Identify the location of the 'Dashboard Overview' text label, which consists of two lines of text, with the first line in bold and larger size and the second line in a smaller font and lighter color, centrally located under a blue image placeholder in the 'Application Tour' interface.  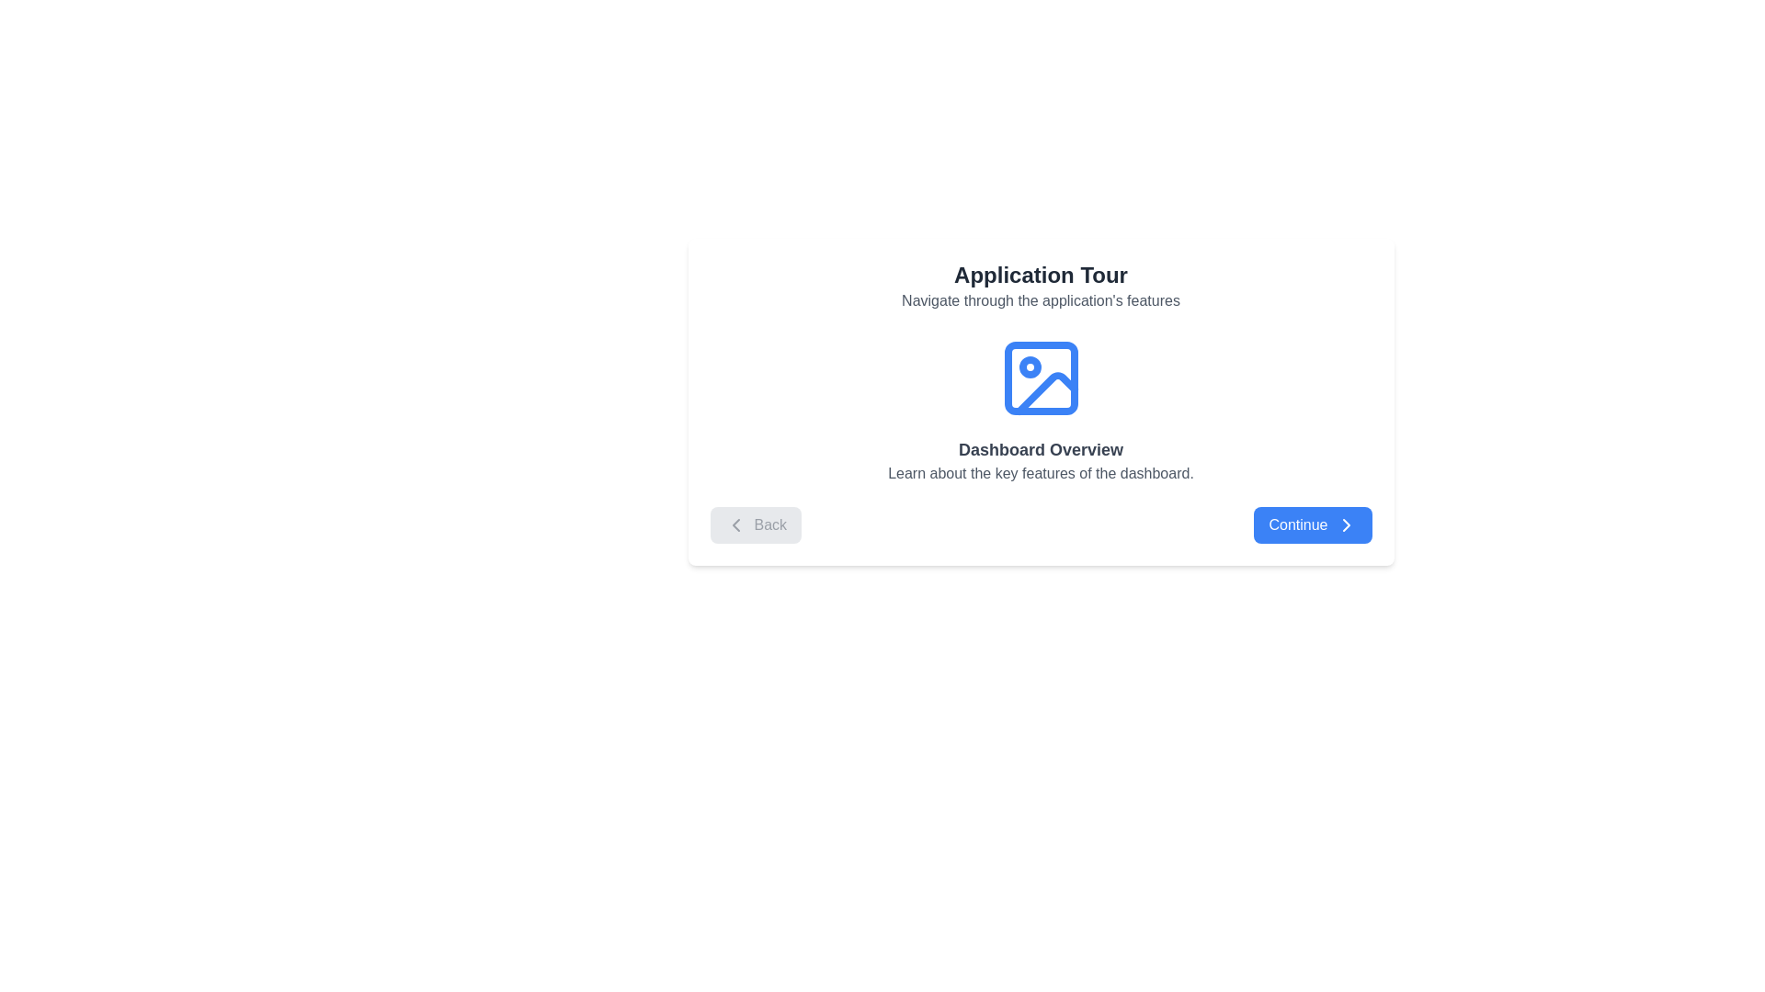
(1041, 459).